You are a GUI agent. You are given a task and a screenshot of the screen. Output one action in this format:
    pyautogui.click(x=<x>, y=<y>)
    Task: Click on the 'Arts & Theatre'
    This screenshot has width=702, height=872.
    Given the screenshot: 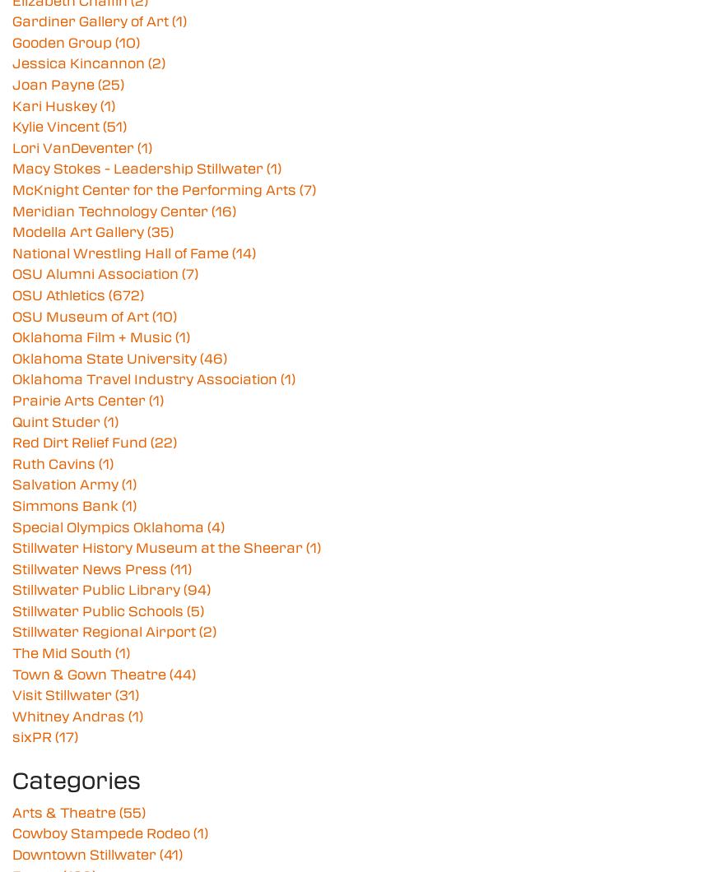 What is the action you would take?
    pyautogui.click(x=65, y=810)
    